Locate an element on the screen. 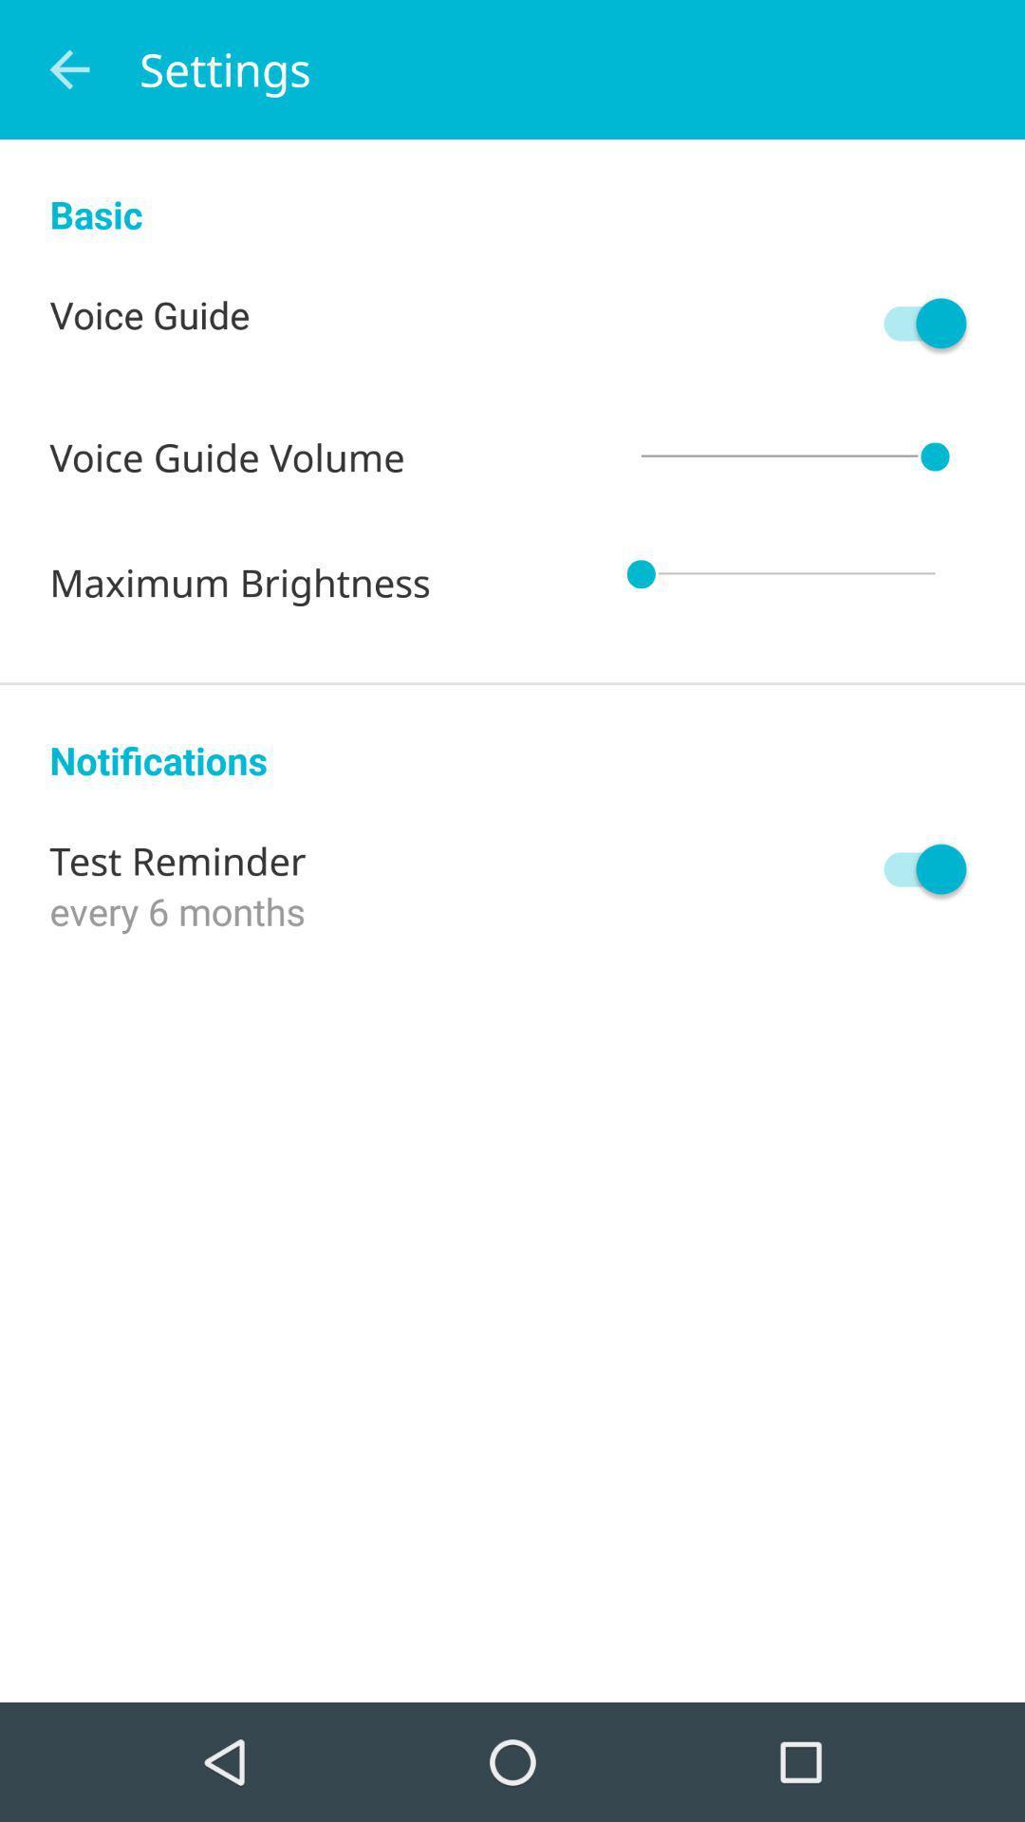 This screenshot has width=1025, height=1822. item on the right is located at coordinates (915, 868).